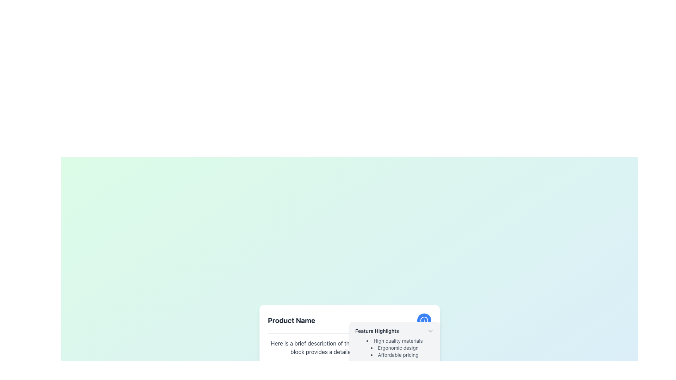  What do you see at coordinates (292, 320) in the screenshot?
I see `text displayed as 'Product Name' in bold style, located at the top left of the section above a descriptive text` at bounding box center [292, 320].